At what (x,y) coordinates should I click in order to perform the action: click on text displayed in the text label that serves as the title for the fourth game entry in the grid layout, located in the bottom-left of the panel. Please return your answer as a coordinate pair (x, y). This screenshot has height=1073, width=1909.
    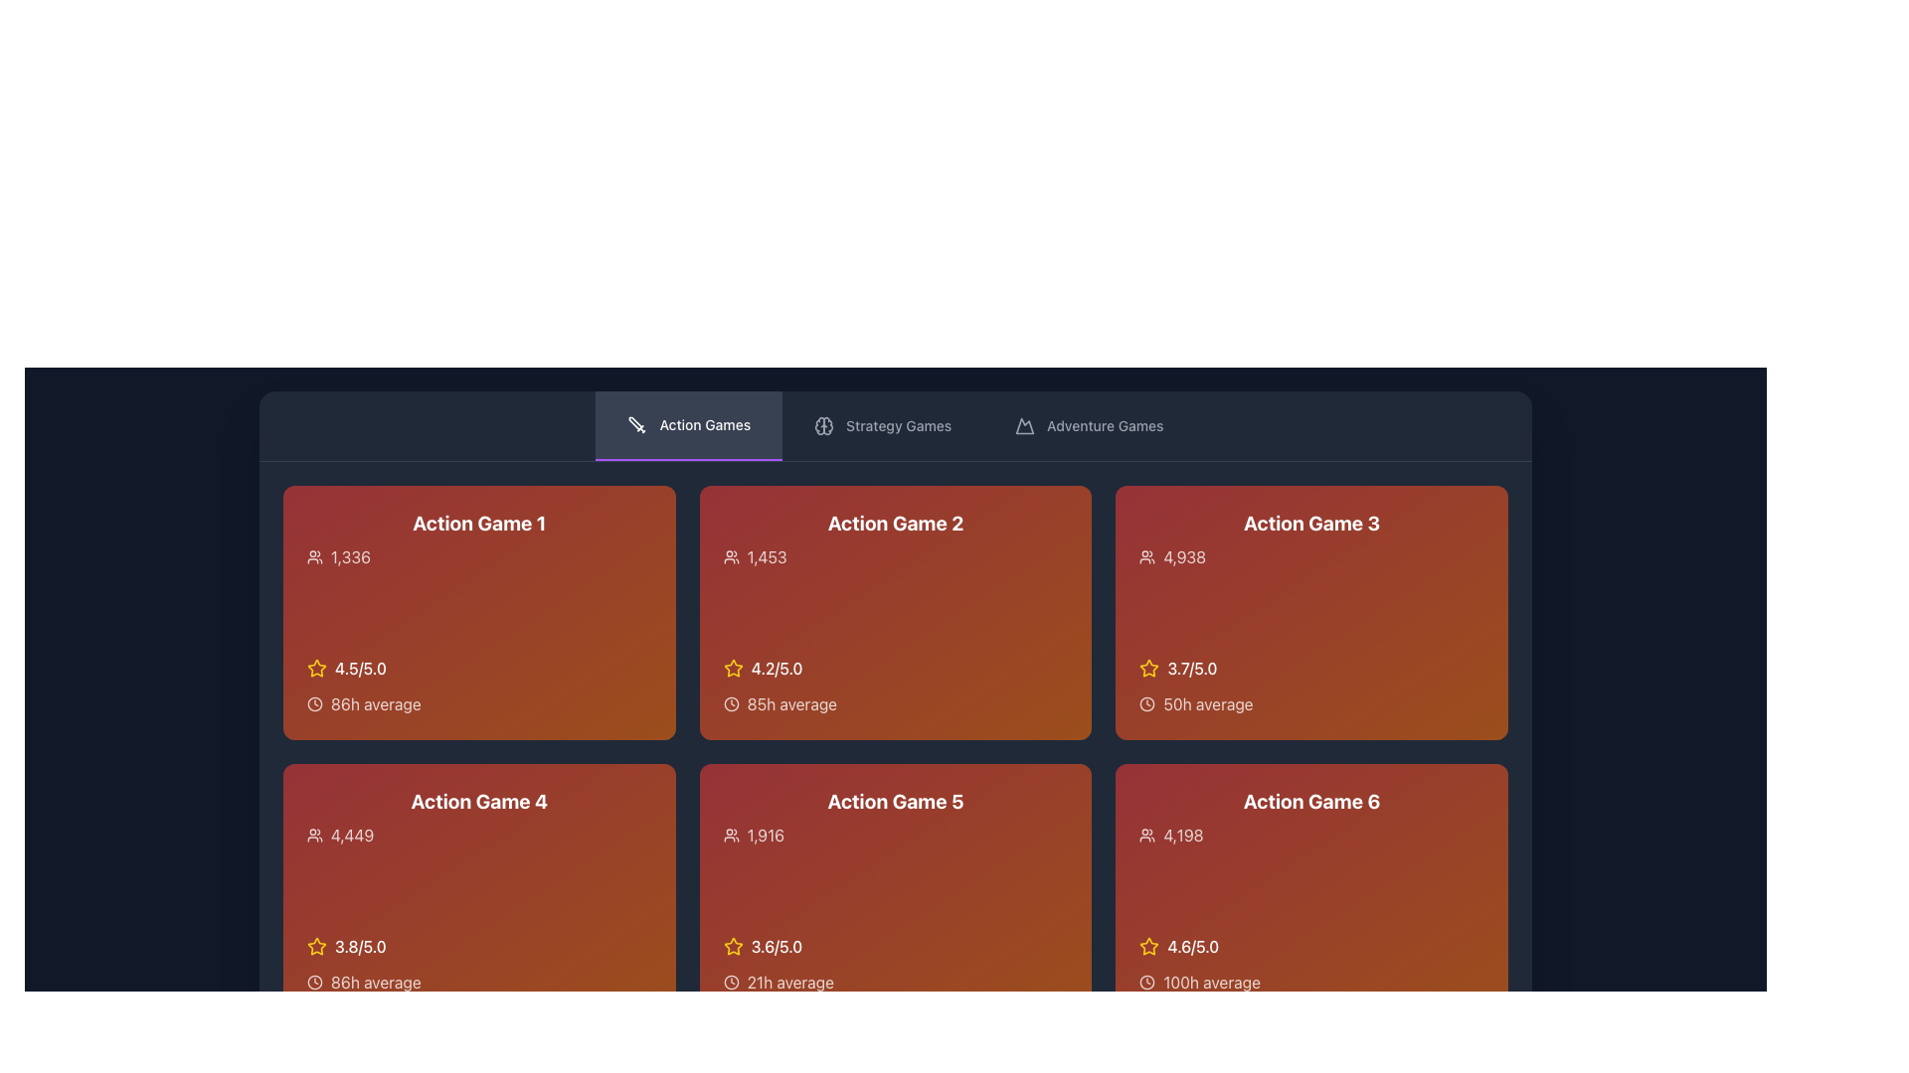
    Looking at the image, I should click on (479, 800).